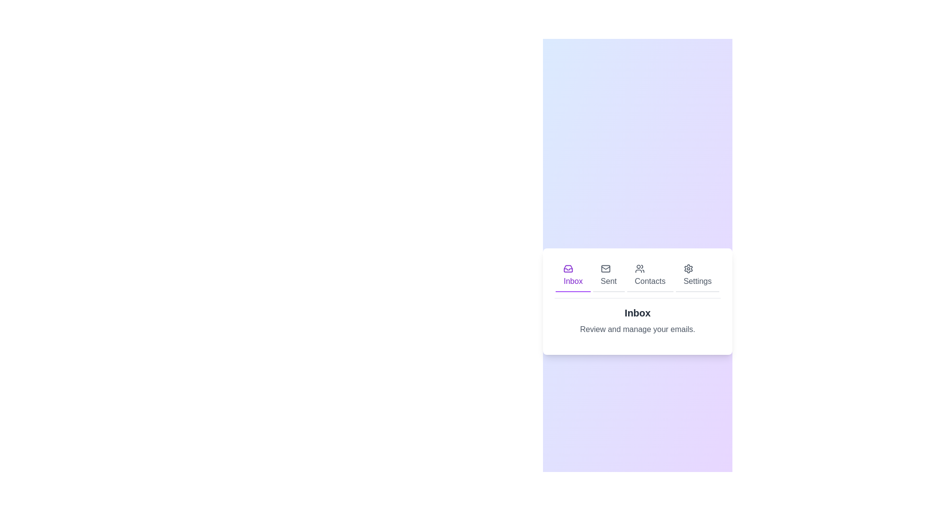  Describe the element at coordinates (696, 276) in the screenshot. I see `the tab labeled 'Settings' to view its content` at that location.